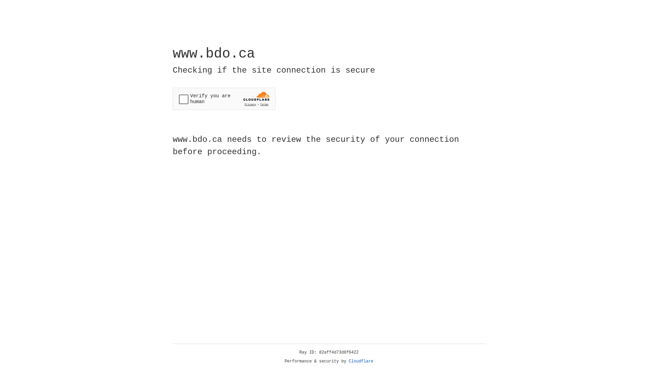 The width and height of the screenshot is (658, 370). I want to click on 'Widget containing a Cloudflare security challenge', so click(224, 99).